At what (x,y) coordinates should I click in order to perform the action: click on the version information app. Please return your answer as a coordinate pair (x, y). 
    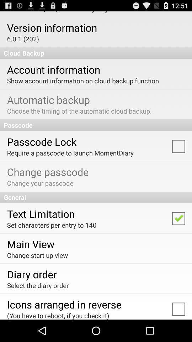
    Looking at the image, I should click on (52, 27).